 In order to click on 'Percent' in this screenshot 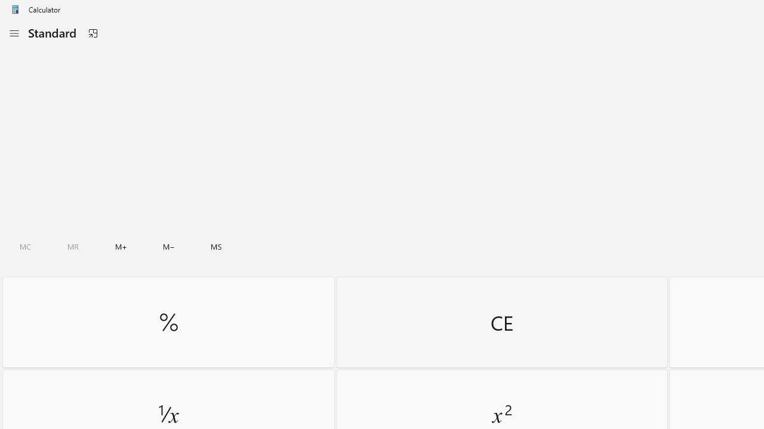, I will do `click(168, 322)`.